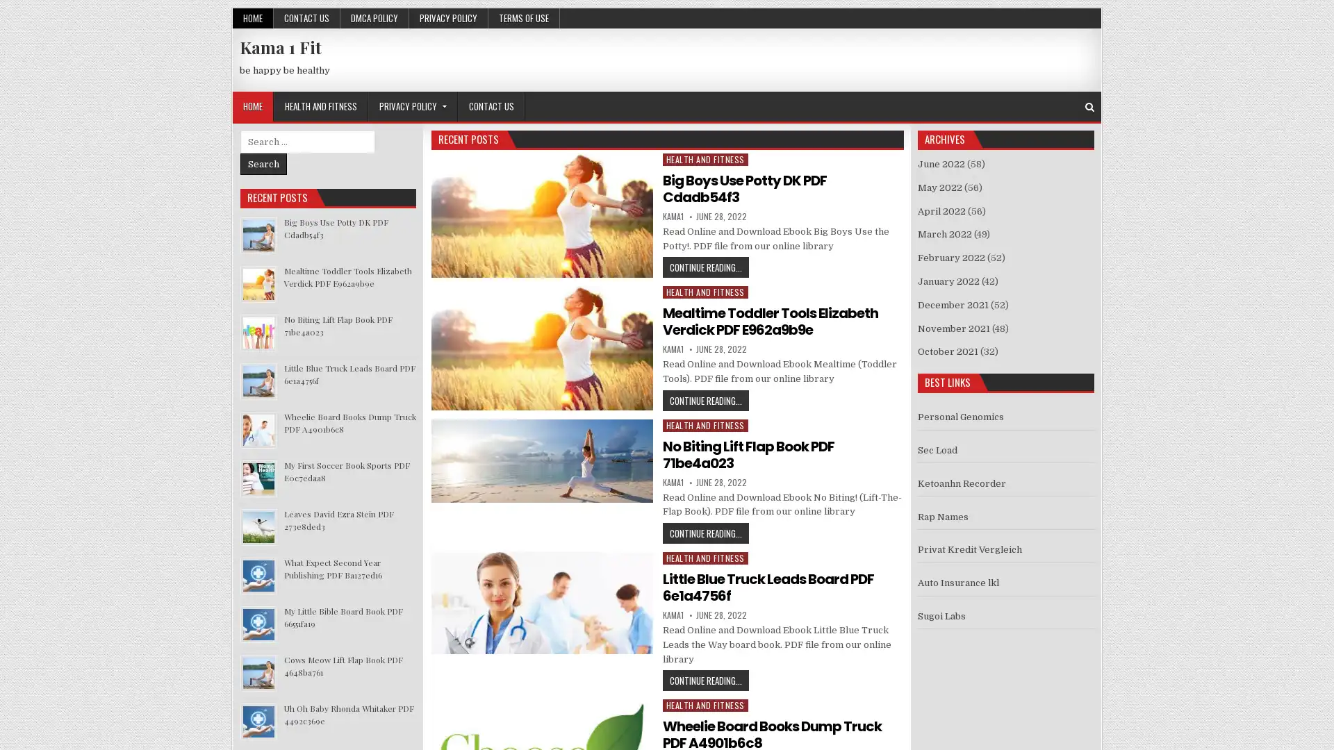 The height and width of the screenshot is (750, 1334). I want to click on Search, so click(263, 163).